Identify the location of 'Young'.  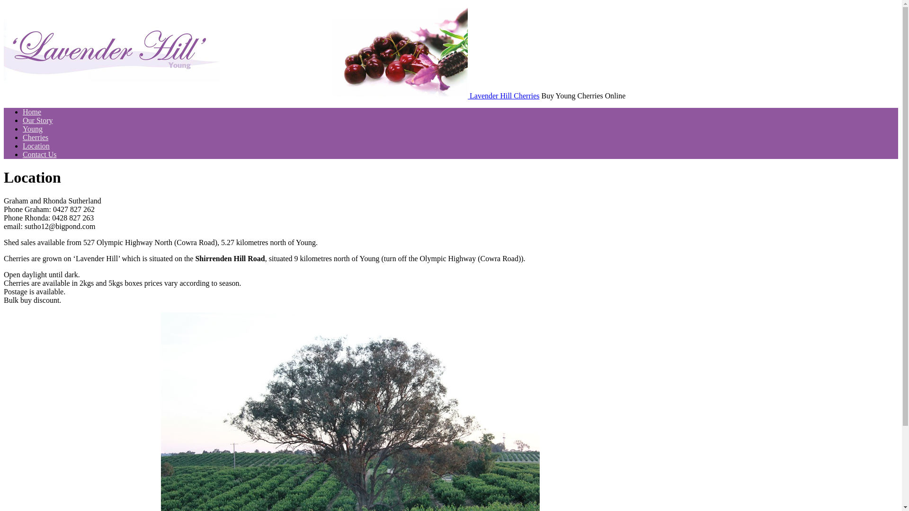
(32, 129).